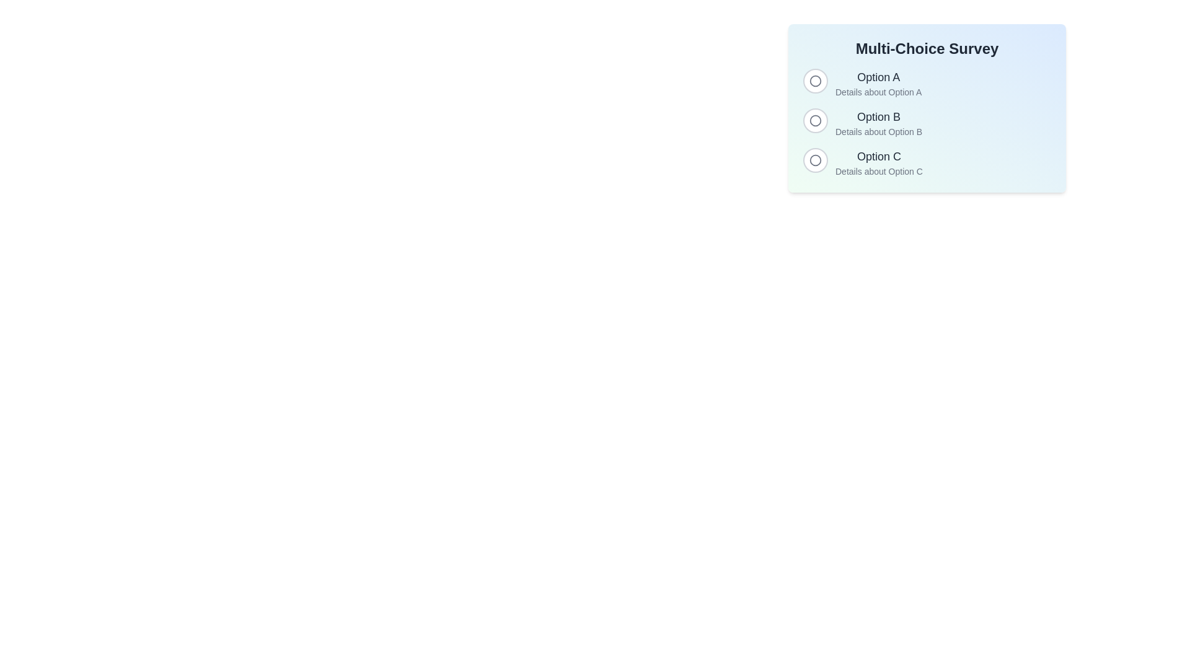 This screenshot has height=669, width=1190. I want to click on the radio button for 'Option C', so click(927, 162).